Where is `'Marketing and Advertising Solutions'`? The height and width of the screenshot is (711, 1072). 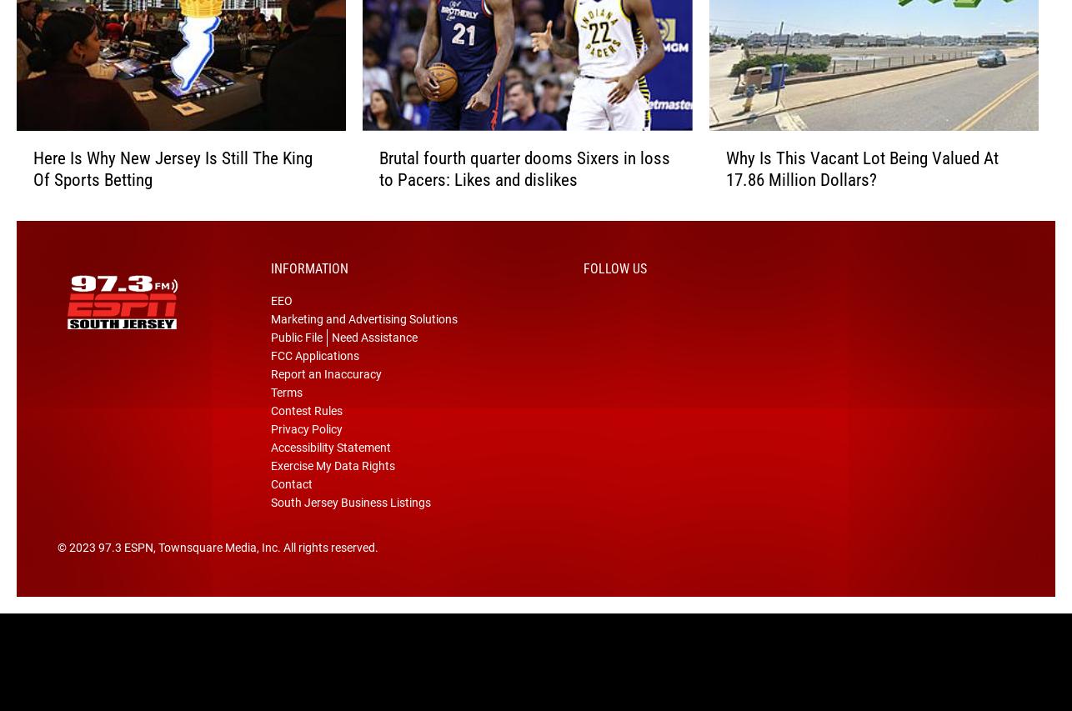
'Marketing and Advertising Solutions' is located at coordinates (363, 343).